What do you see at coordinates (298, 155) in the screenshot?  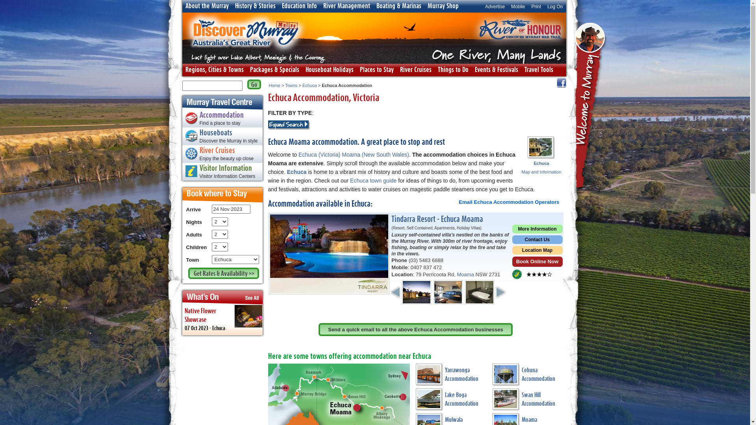 I see `'Echuca (Victoria) Moama (New South Wales)'` at bounding box center [298, 155].